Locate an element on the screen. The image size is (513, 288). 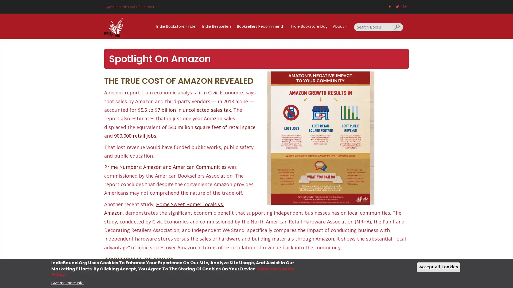
Accept all Cookies is located at coordinates (438, 267).